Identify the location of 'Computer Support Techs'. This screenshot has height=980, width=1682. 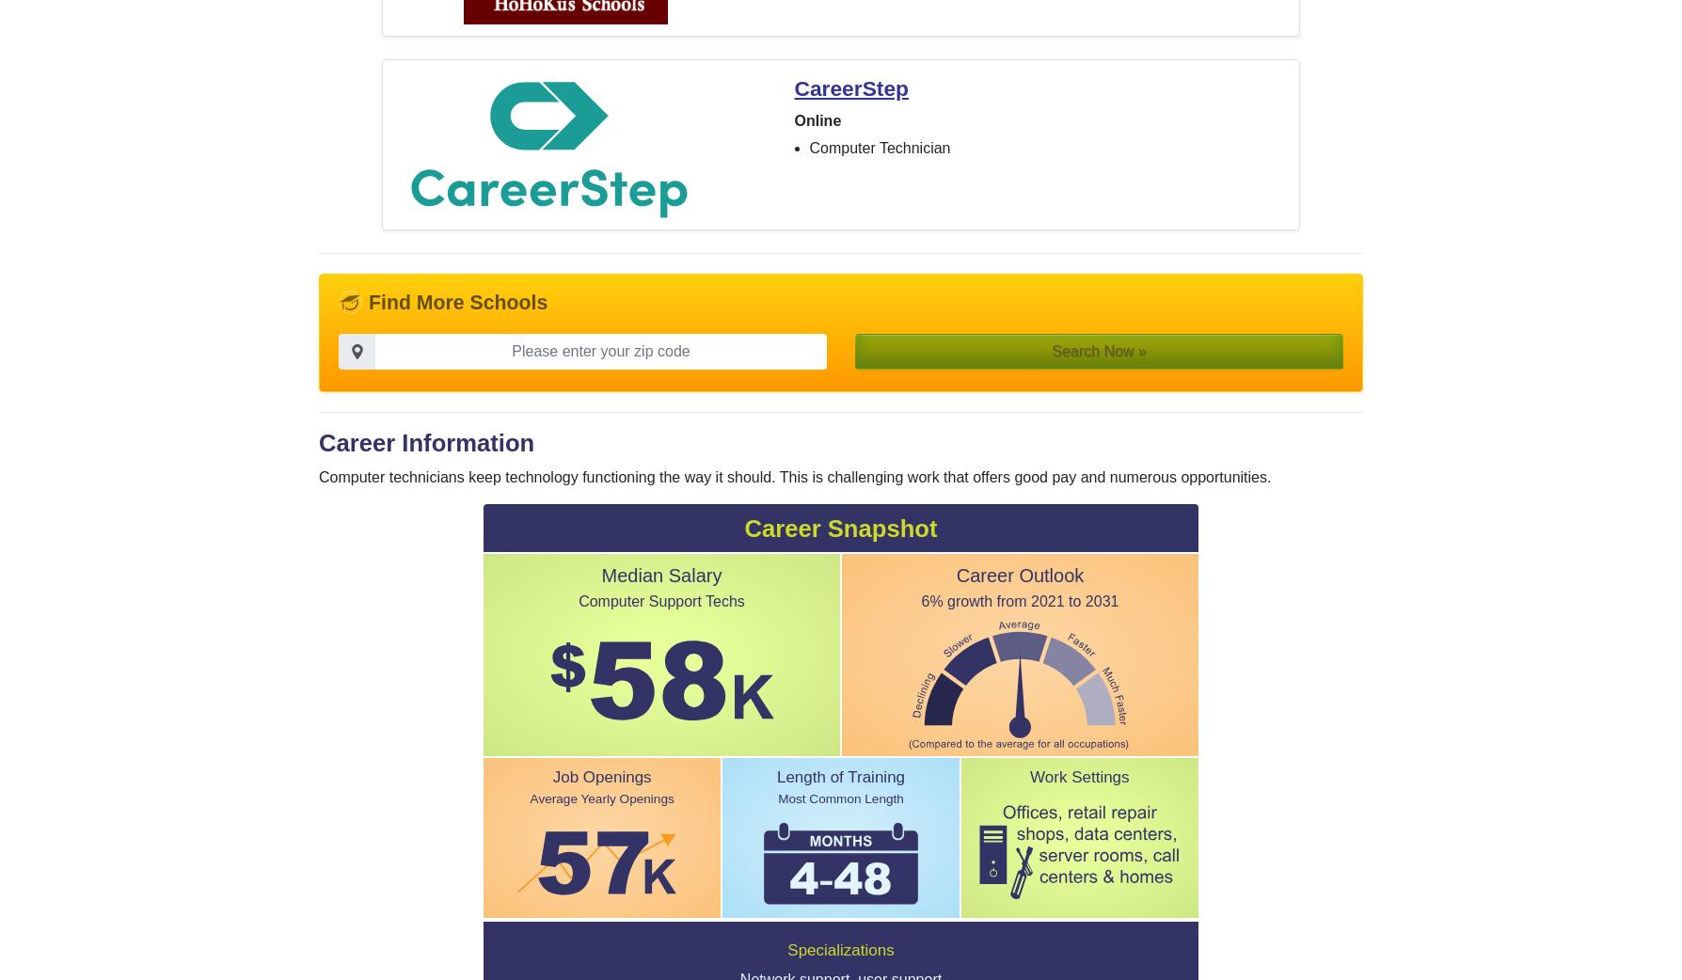
(660, 601).